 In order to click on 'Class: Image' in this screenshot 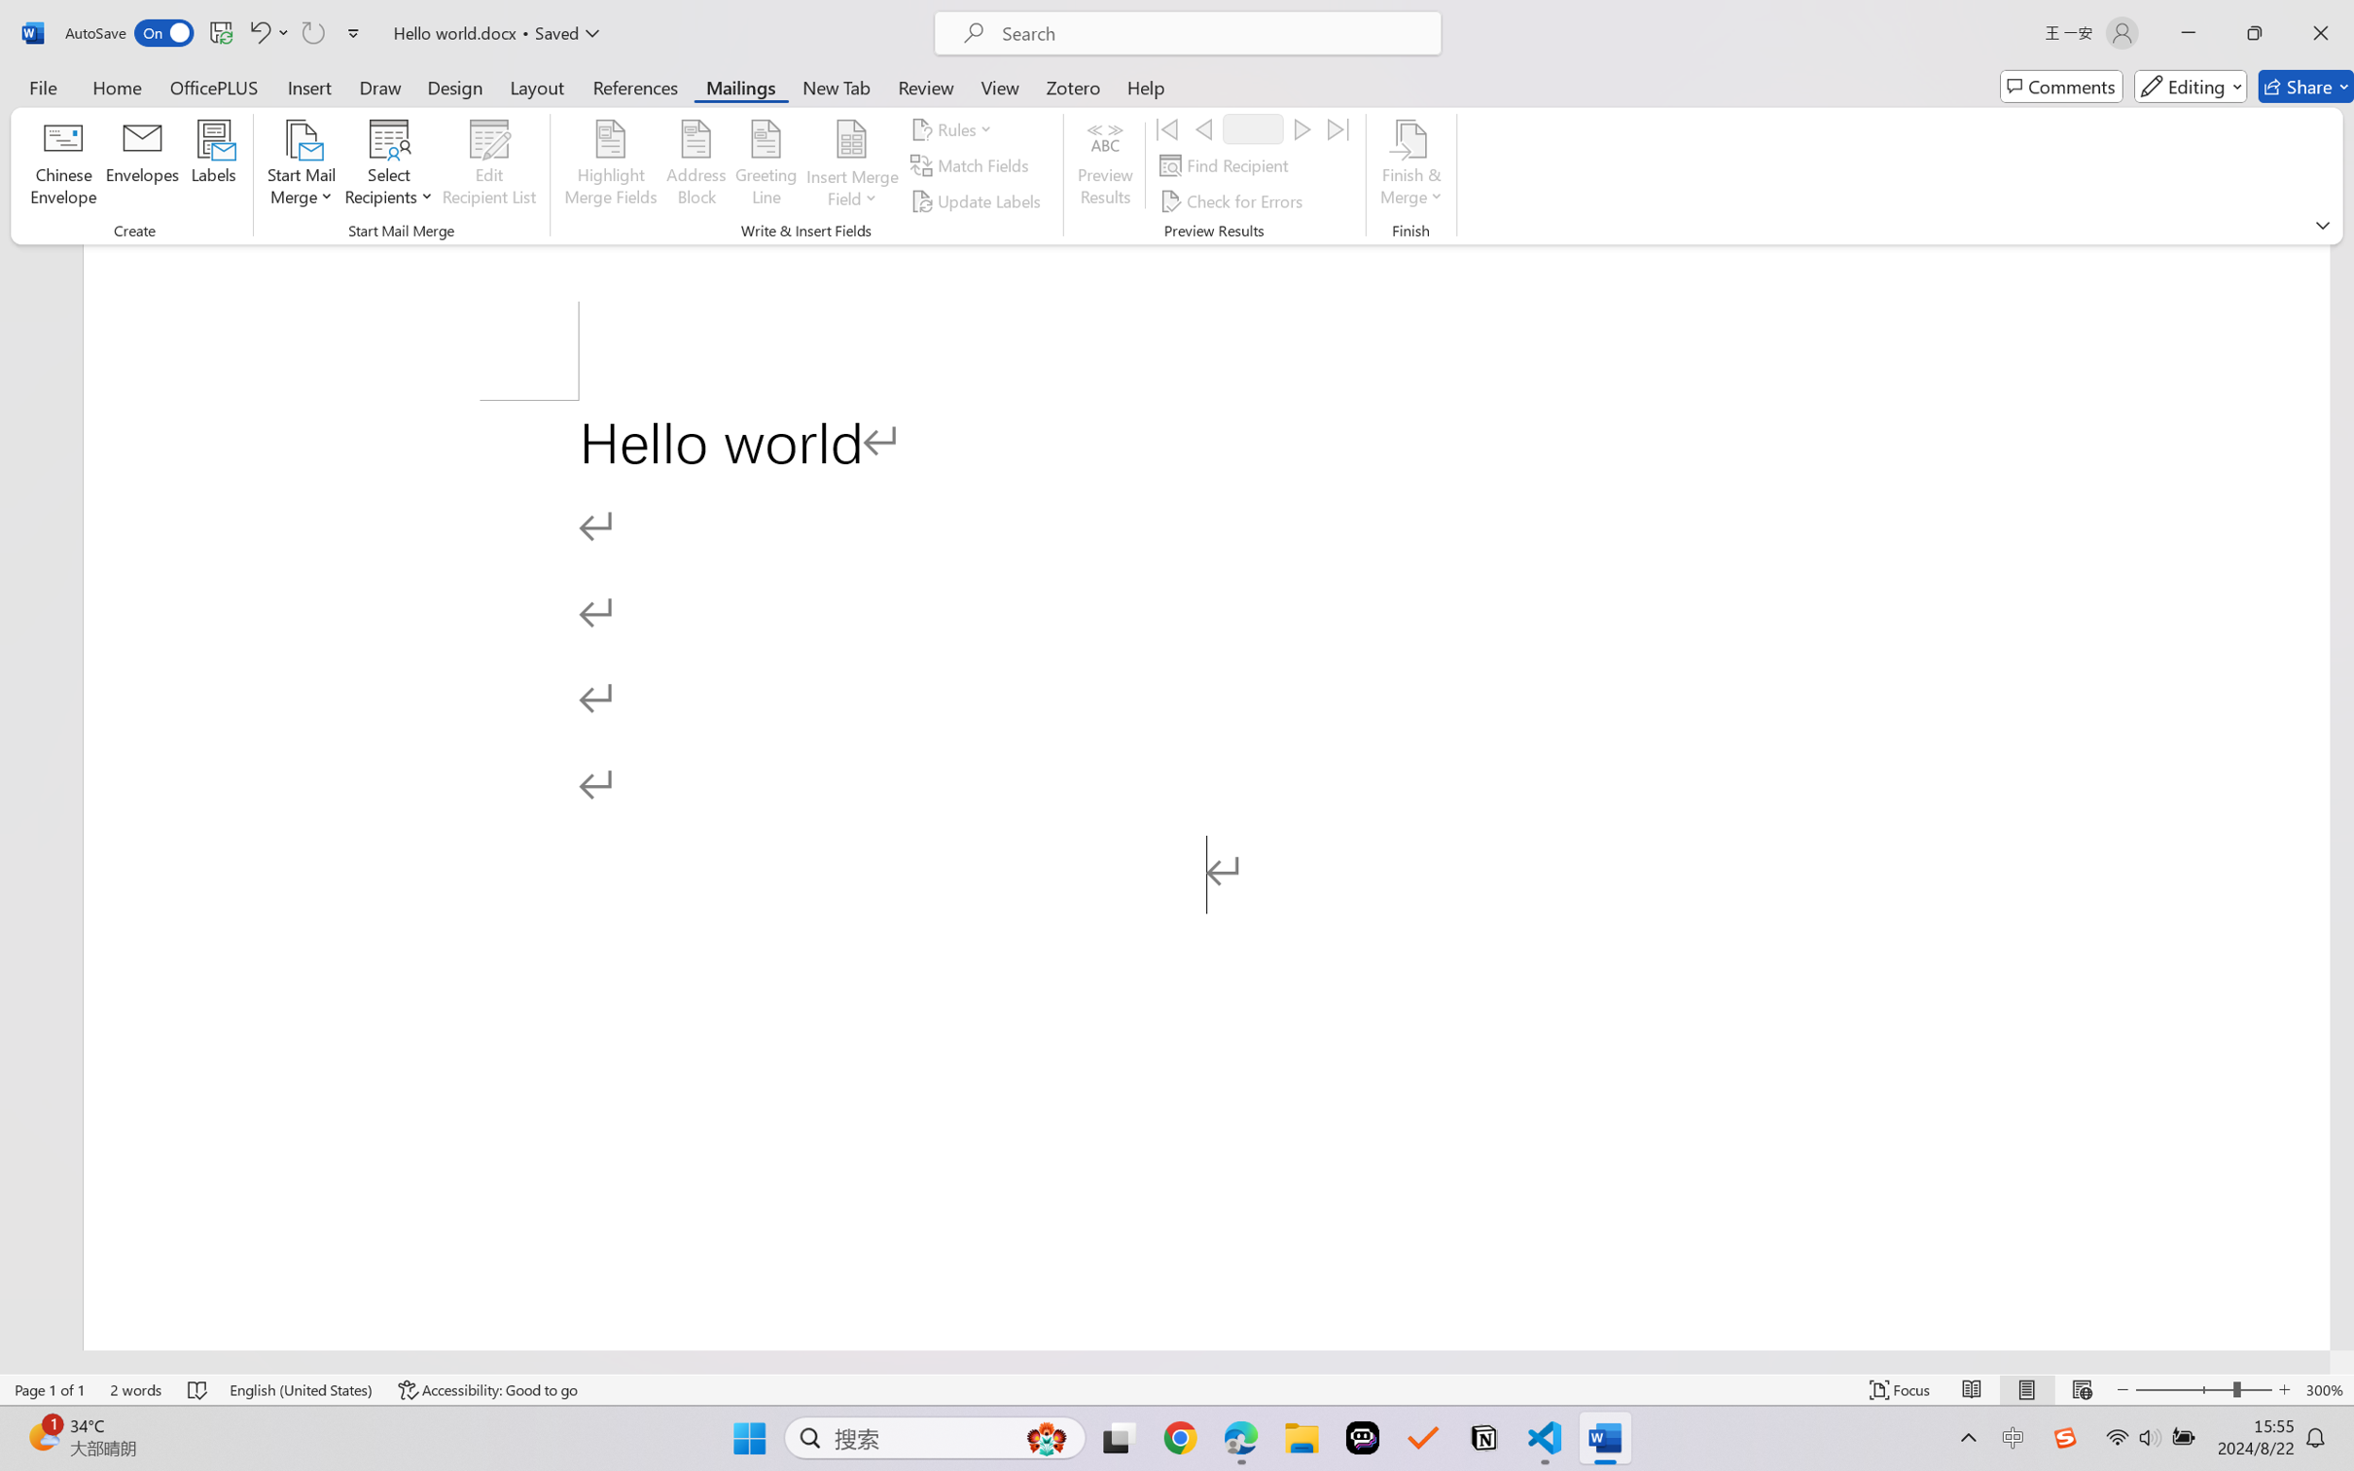, I will do `click(2064, 1438)`.